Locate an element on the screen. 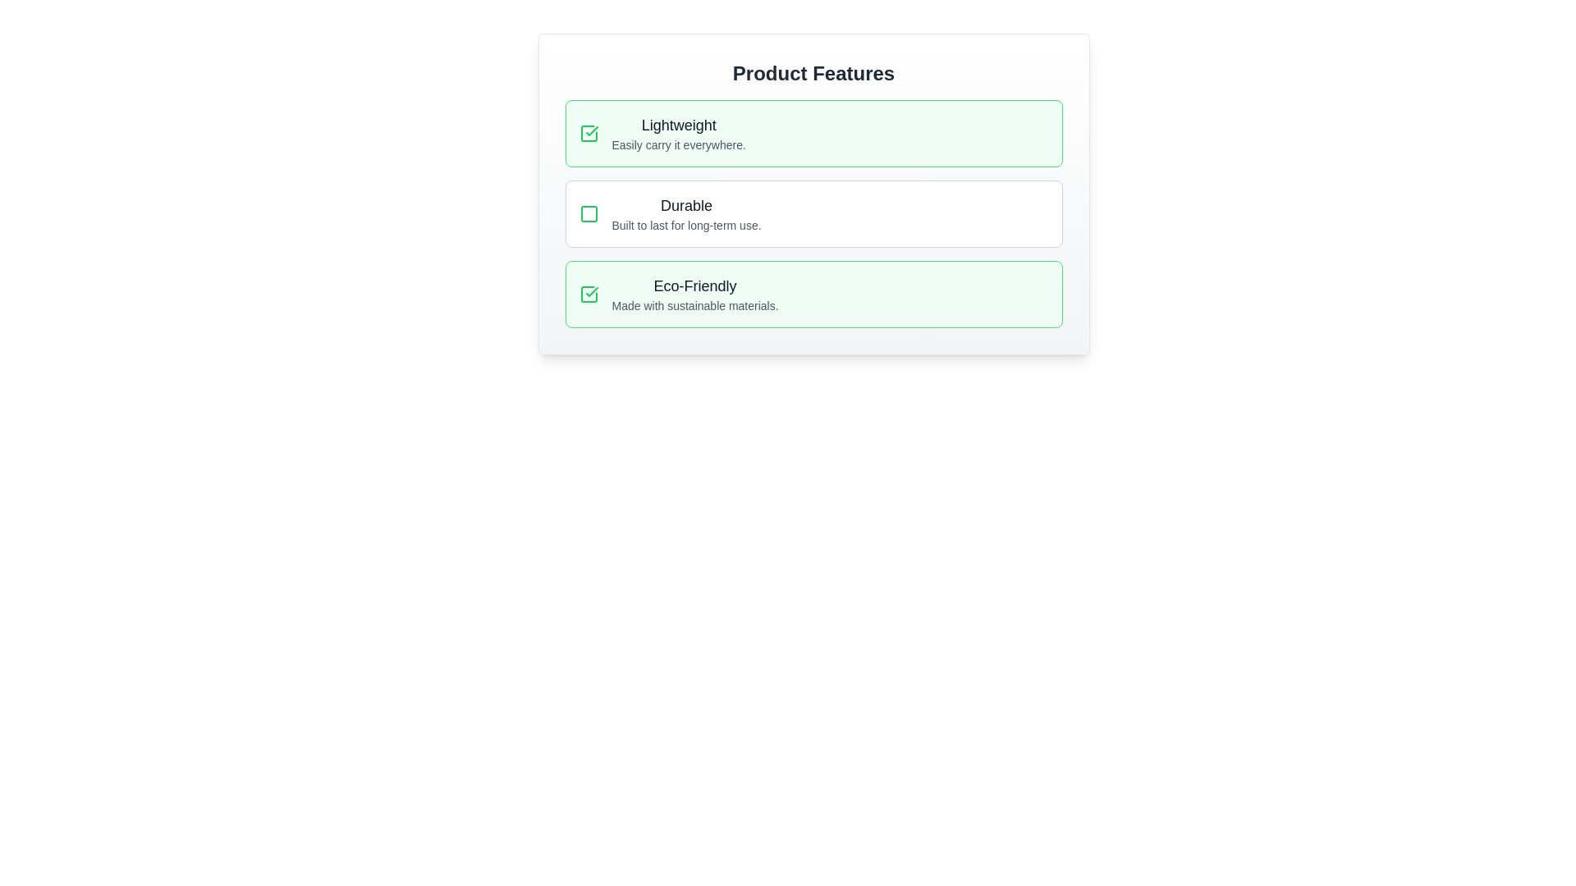 Image resolution: width=1576 pixels, height=886 pixels. the decorative icon in the 'Durable' feature card, which is positioned towards the left edge before the associated text is located at coordinates (589, 213).